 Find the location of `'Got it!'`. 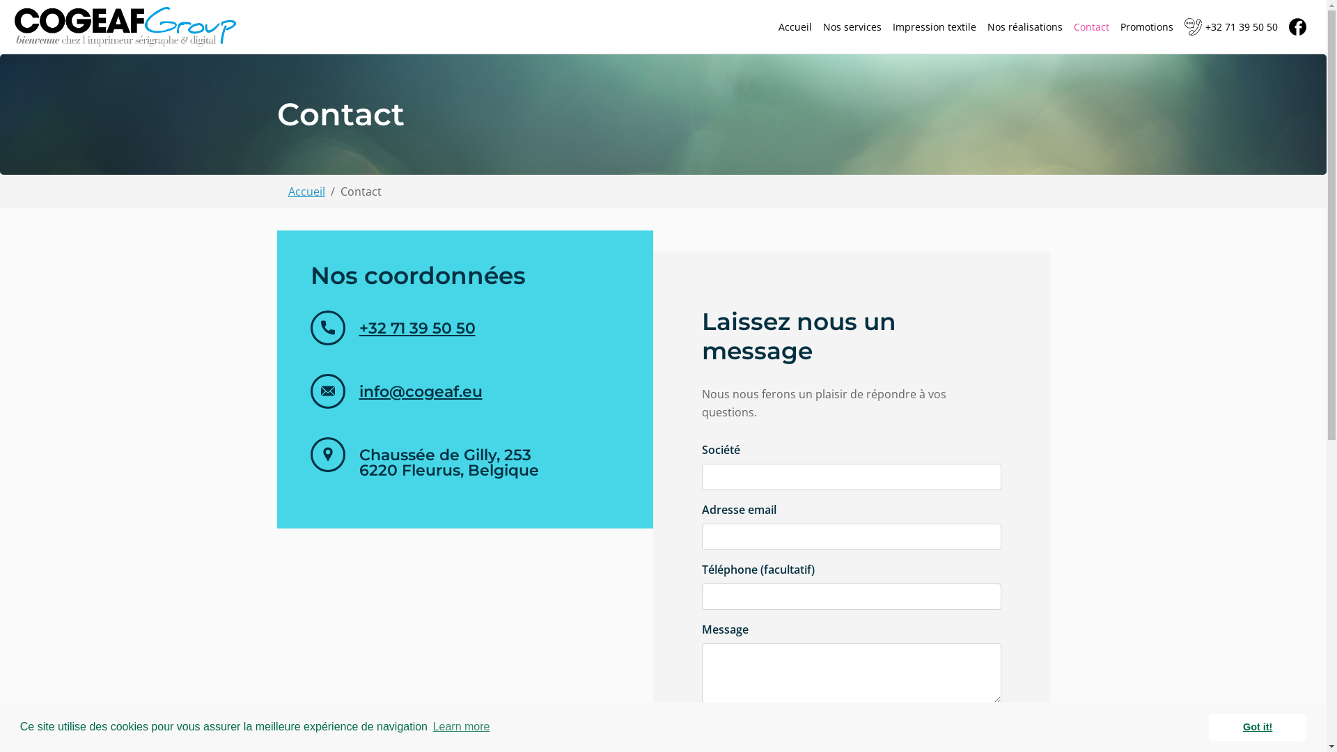

'Got it!' is located at coordinates (1208, 726).